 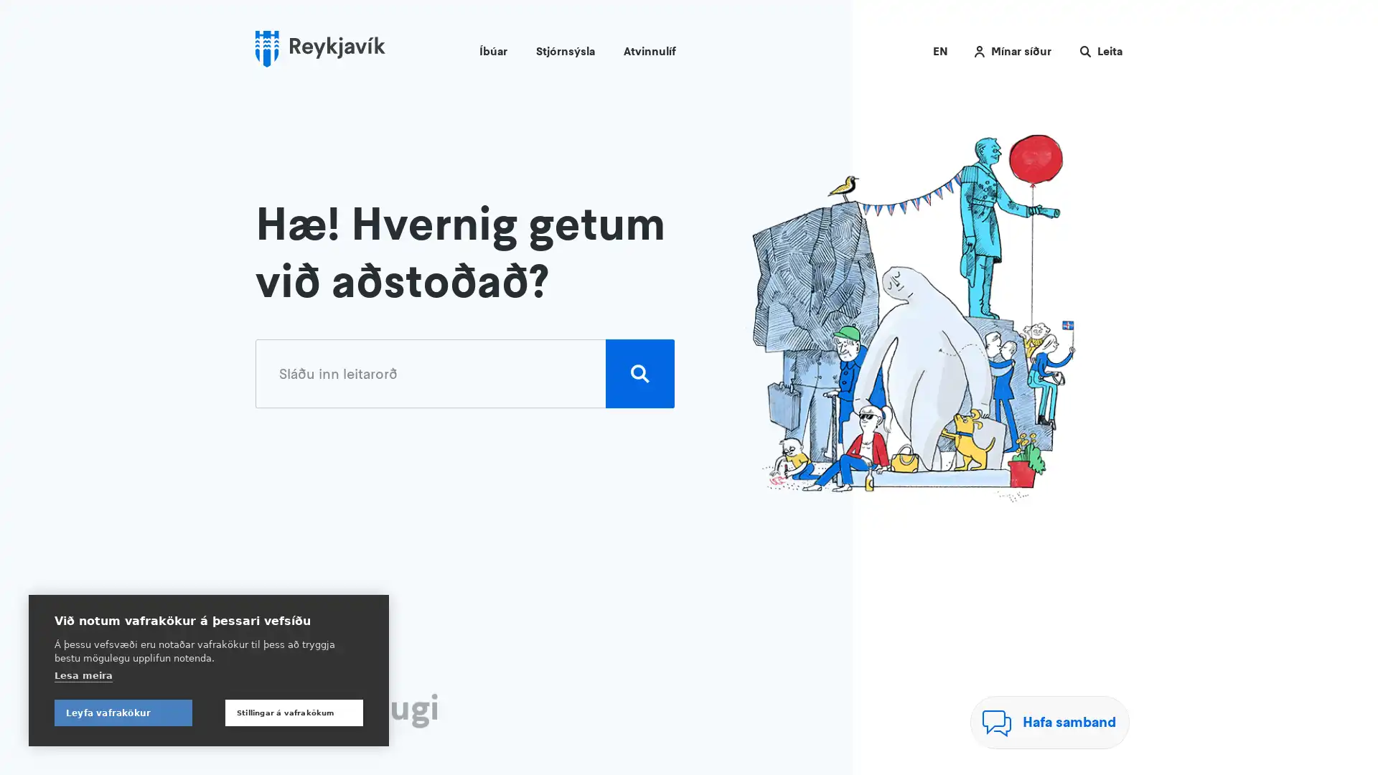 I want to click on Stjornsysla, so click(x=564, y=48).